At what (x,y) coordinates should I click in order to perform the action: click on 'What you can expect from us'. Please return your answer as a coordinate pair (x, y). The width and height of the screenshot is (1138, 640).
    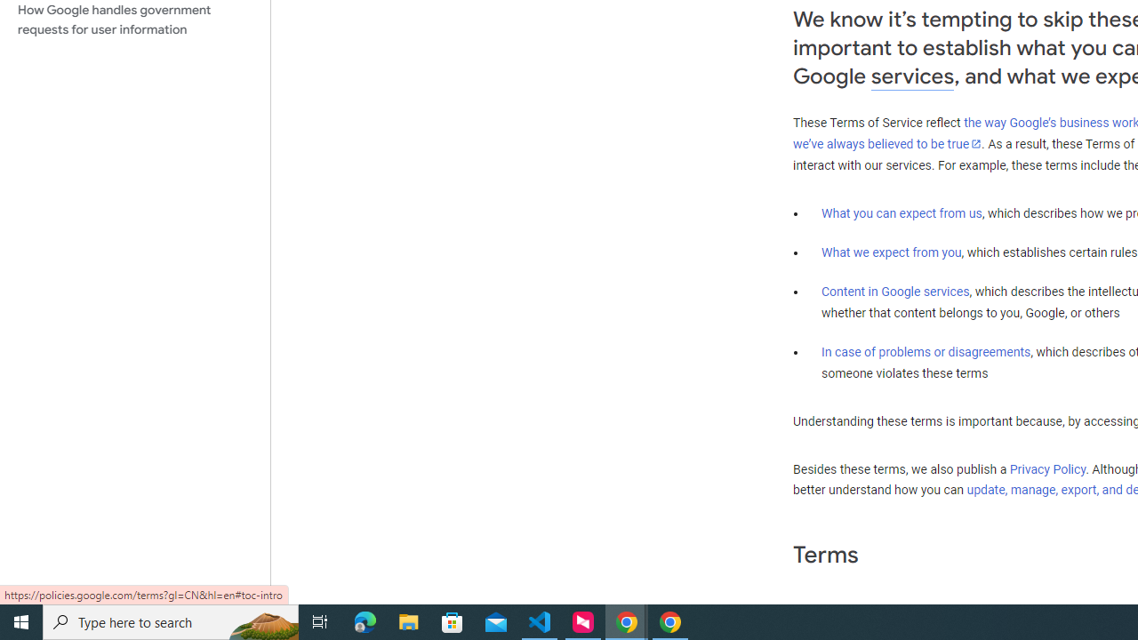
    Looking at the image, I should click on (902, 212).